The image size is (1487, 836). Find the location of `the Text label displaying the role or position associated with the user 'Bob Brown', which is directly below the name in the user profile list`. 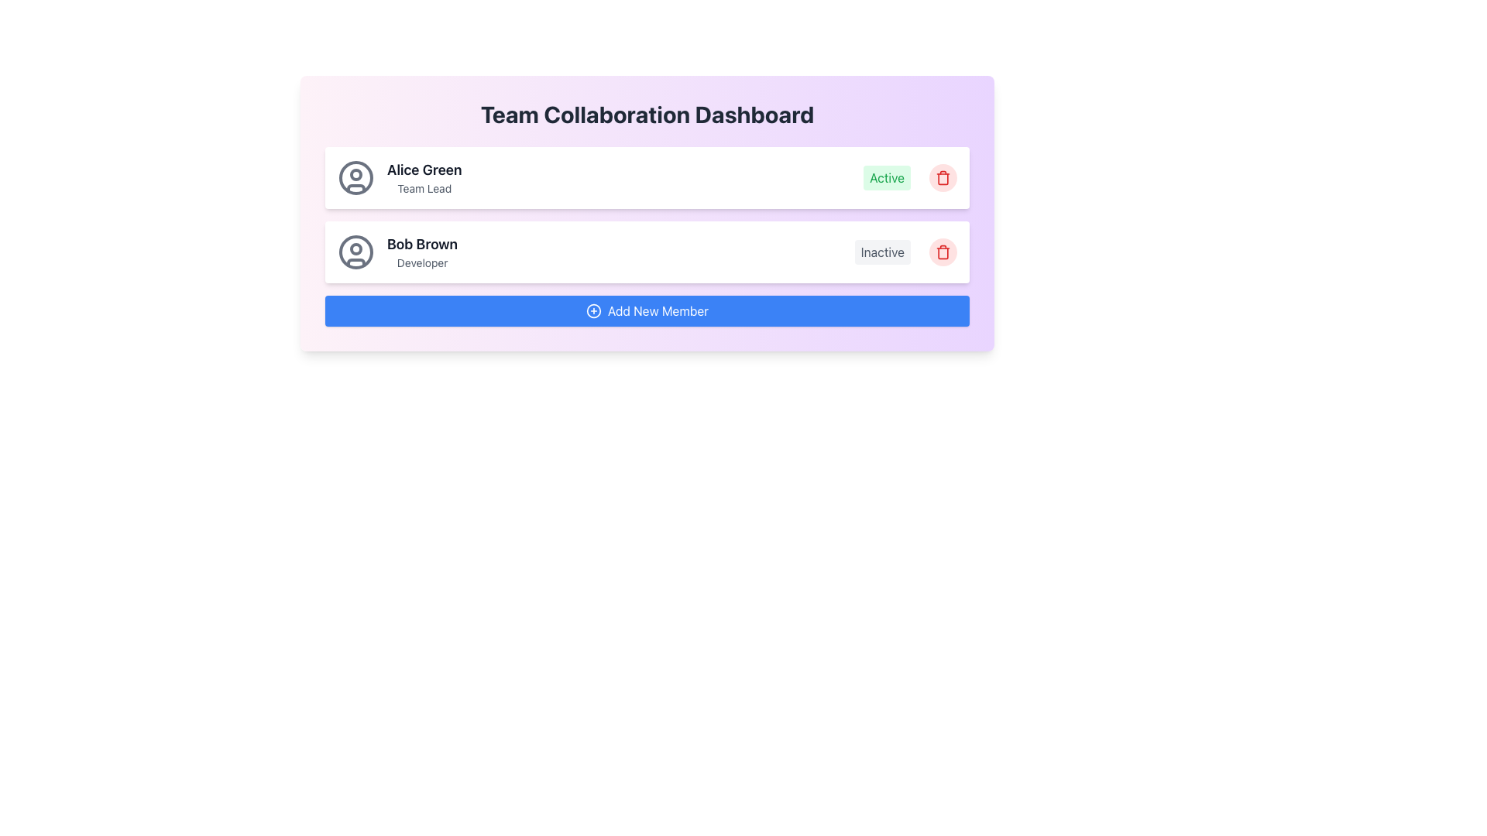

the Text label displaying the role or position associated with the user 'Bob Brown', which is directly below the name in the user profile list is located at coordinates (422, 262).